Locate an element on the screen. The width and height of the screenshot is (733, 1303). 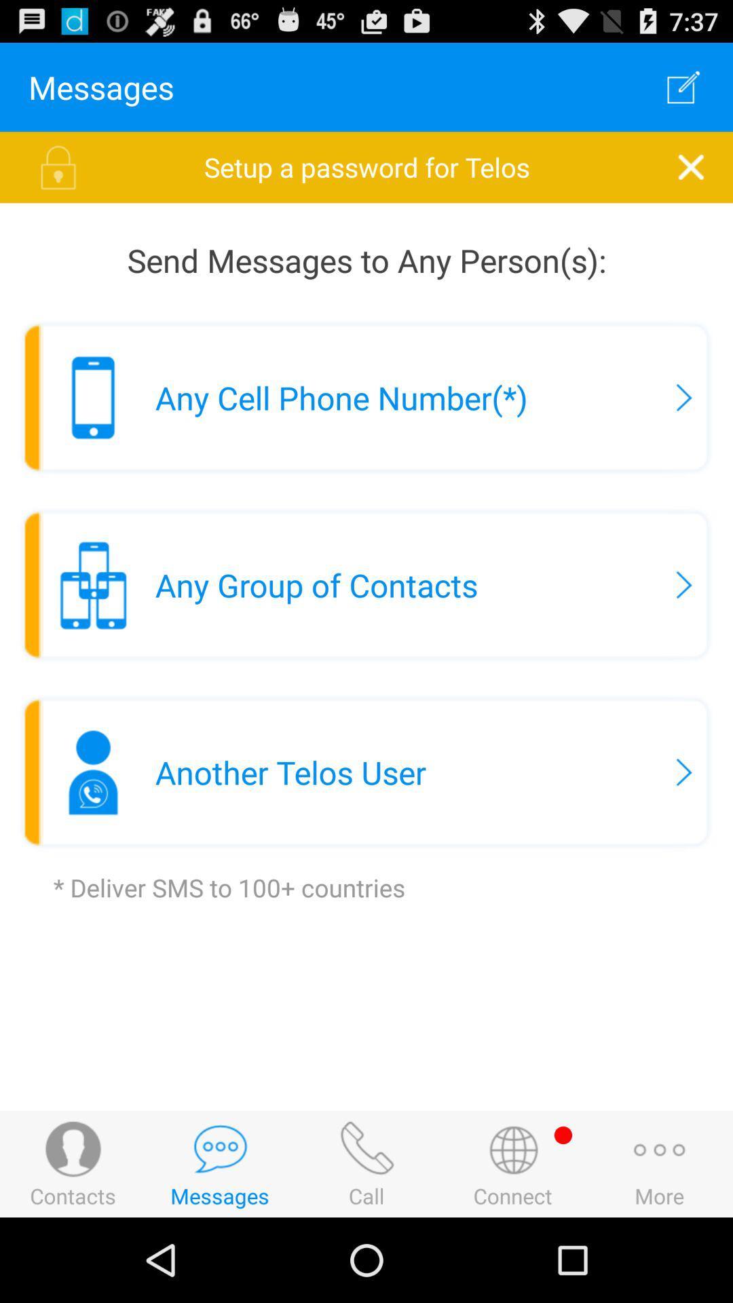
the edit icon is located at coordinates (683, 92).